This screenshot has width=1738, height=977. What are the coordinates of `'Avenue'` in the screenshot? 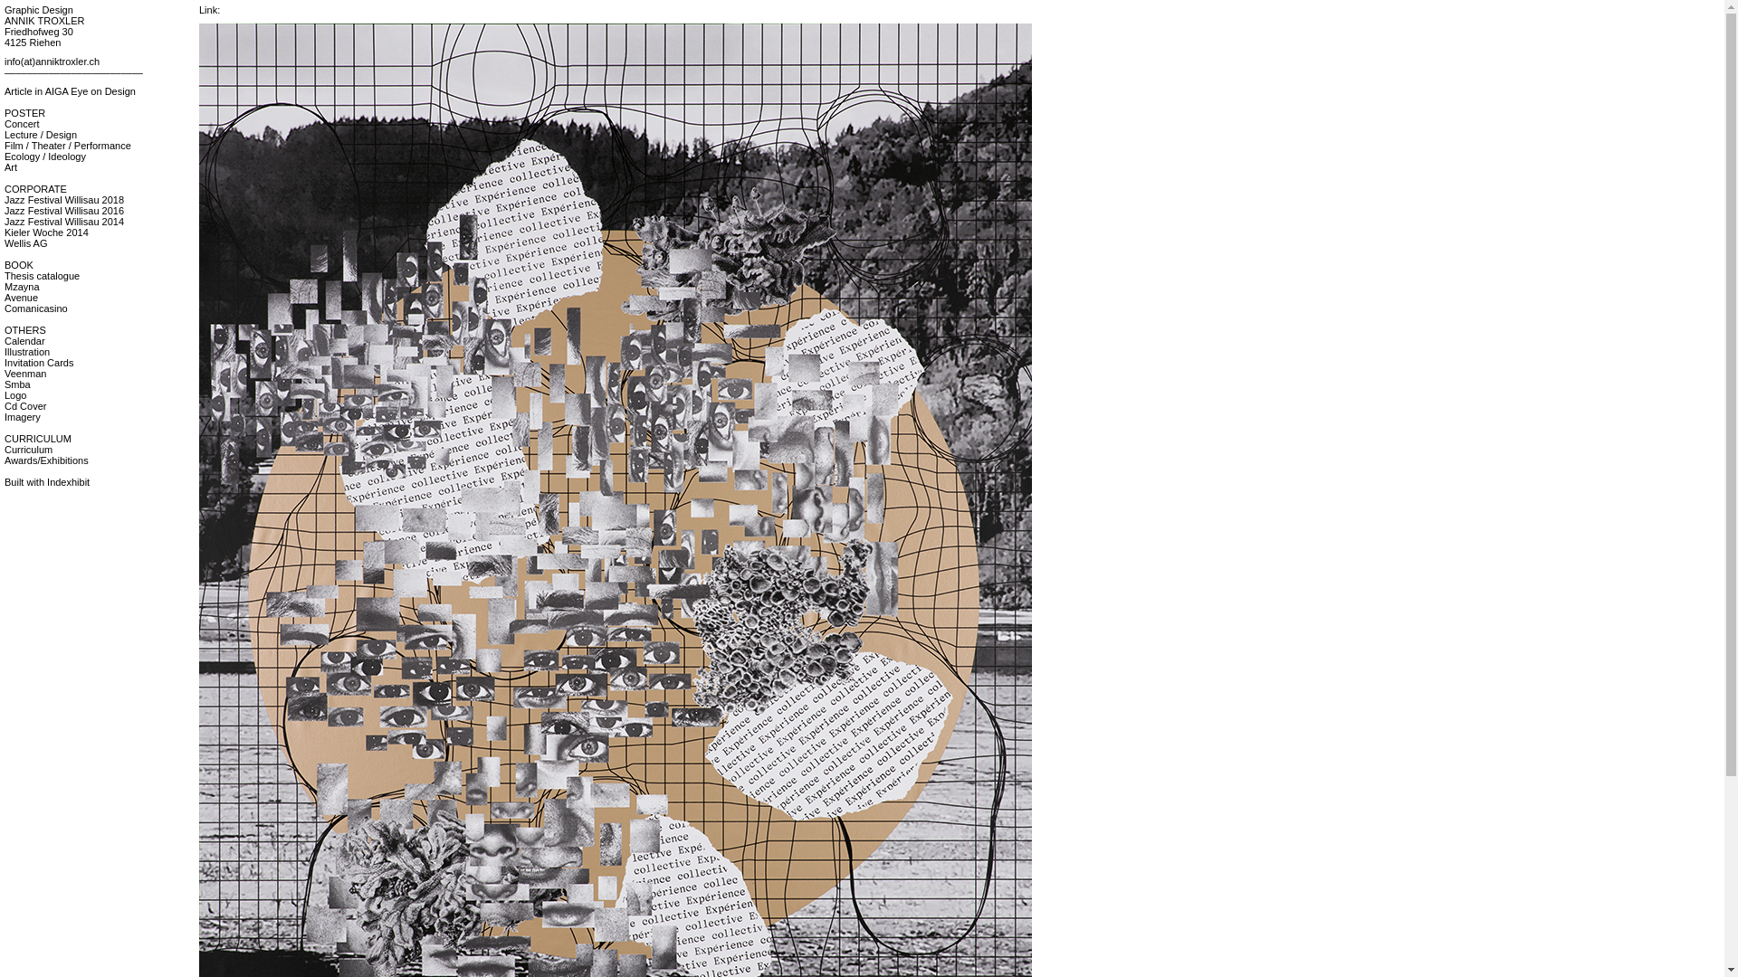 It's located at (4, 296).